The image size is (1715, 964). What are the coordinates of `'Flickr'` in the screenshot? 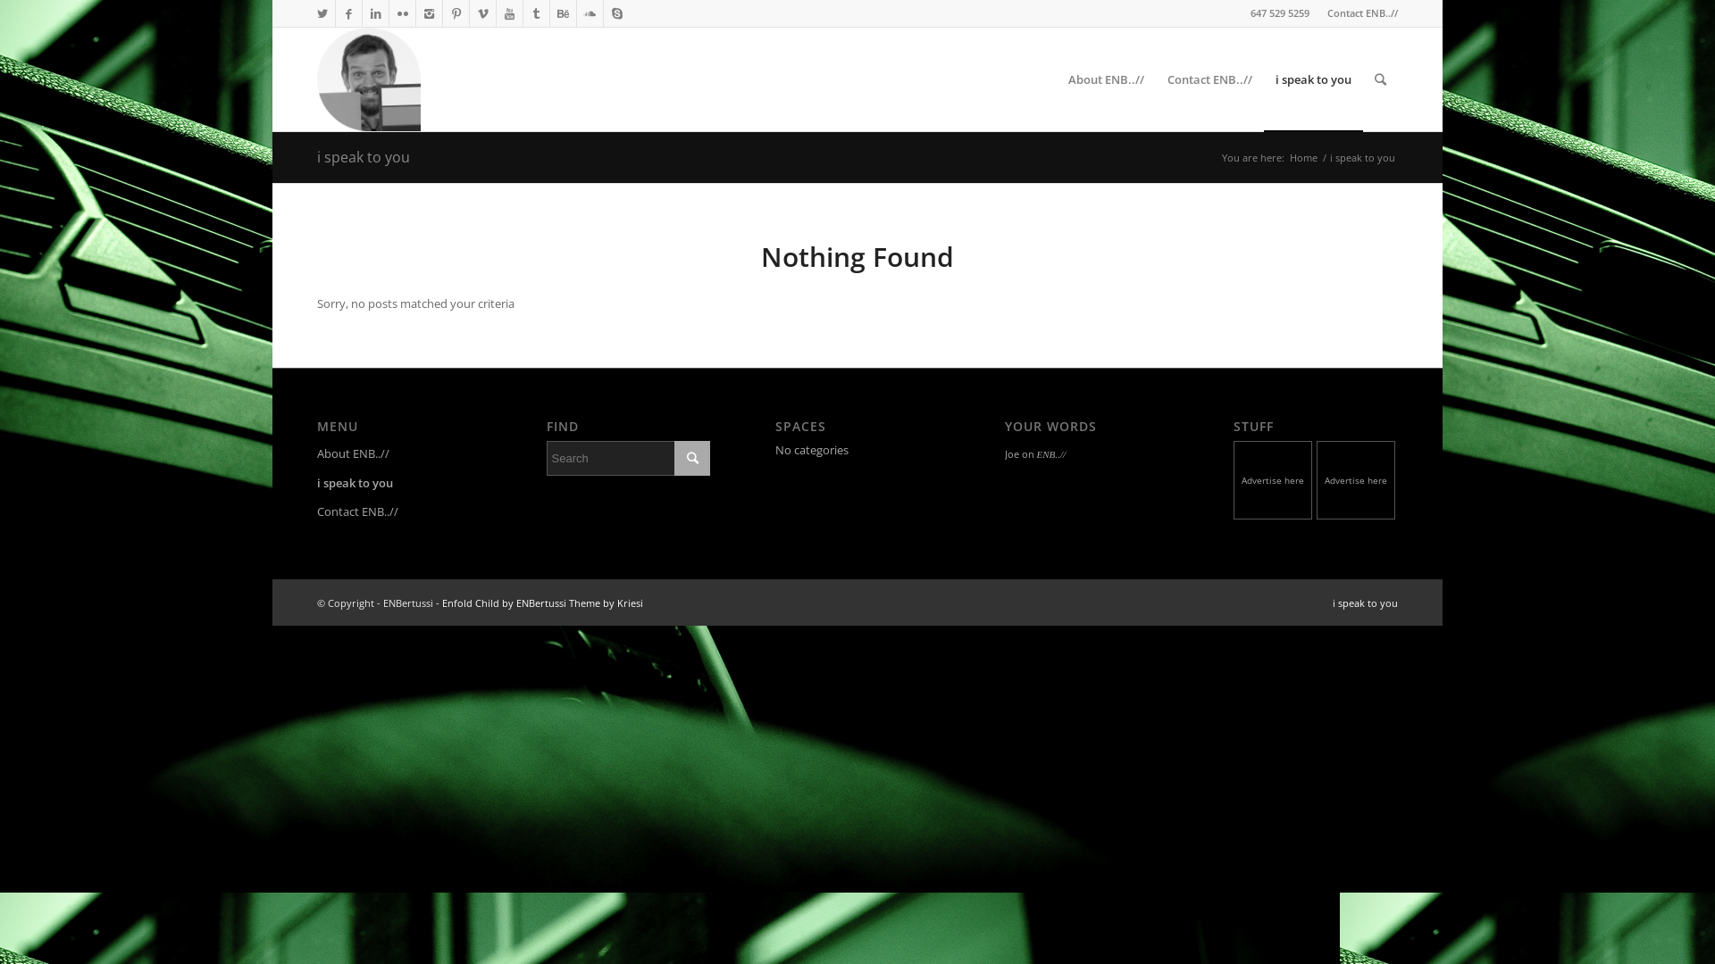 It's located at (401, 13).